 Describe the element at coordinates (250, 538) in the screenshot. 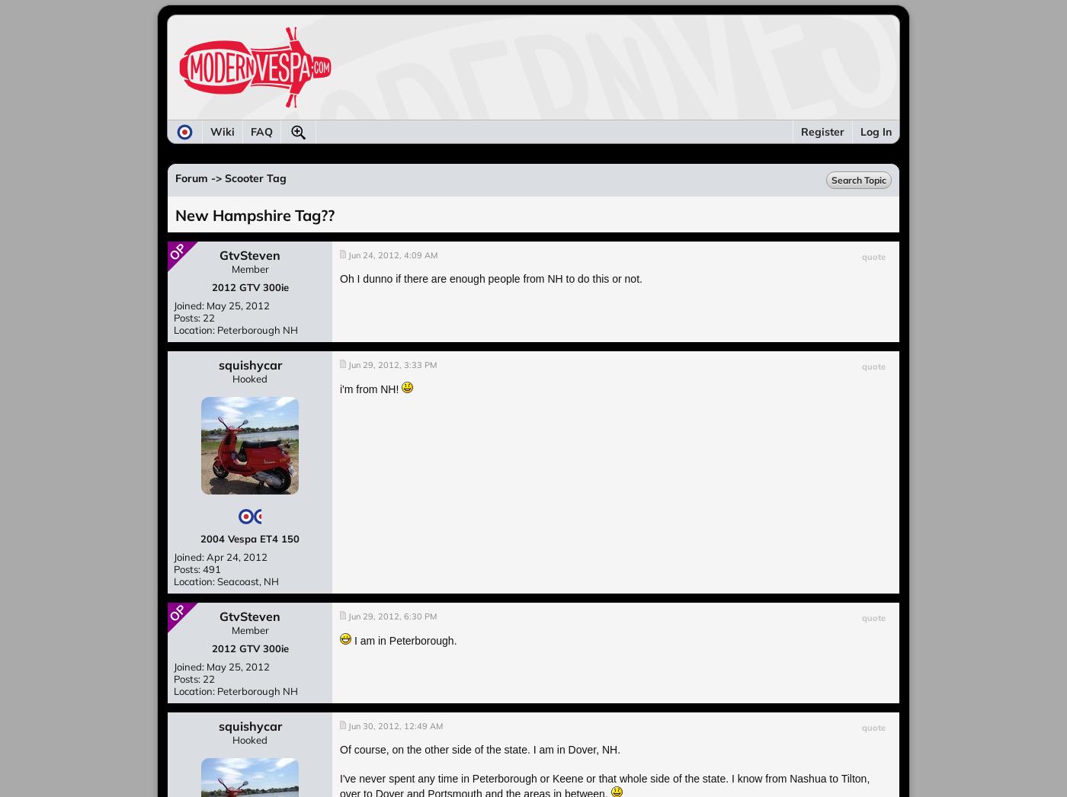

I see `'2004 Vespa ET4 150'` at that location.